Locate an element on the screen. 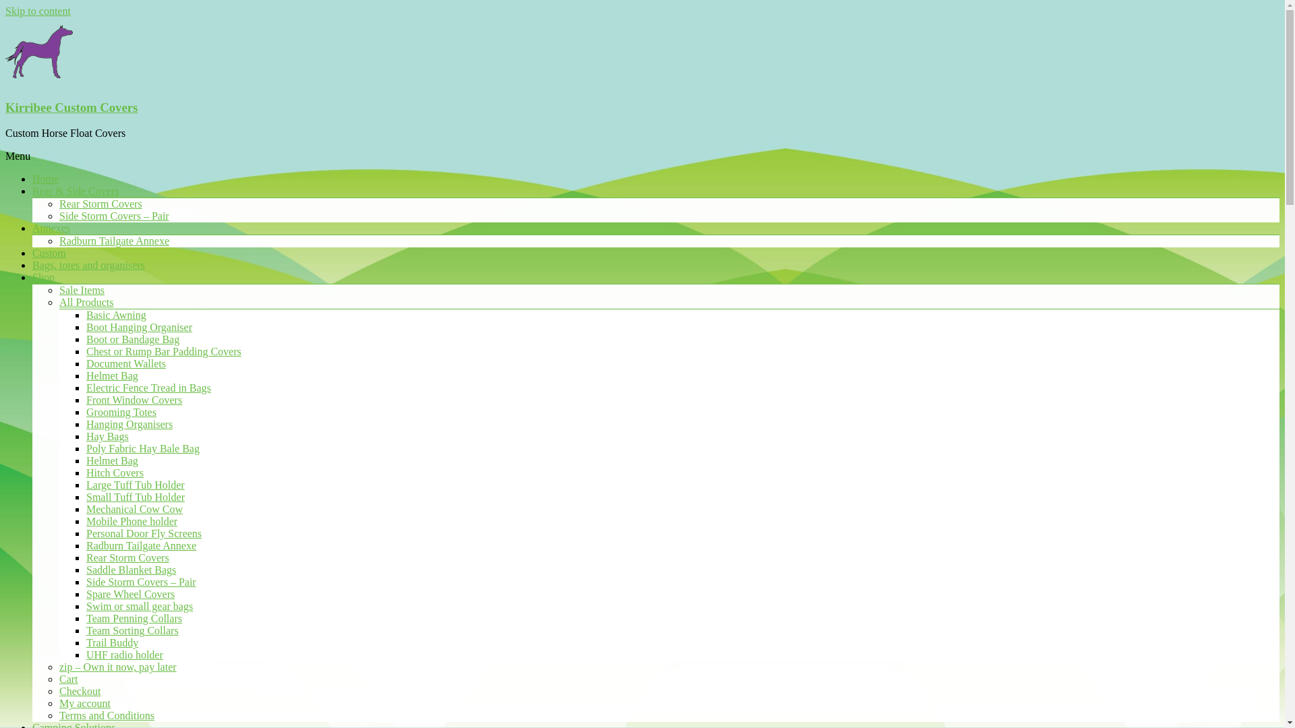  'Small Tuff Tub Holder' is located at coordinates (136, 497).